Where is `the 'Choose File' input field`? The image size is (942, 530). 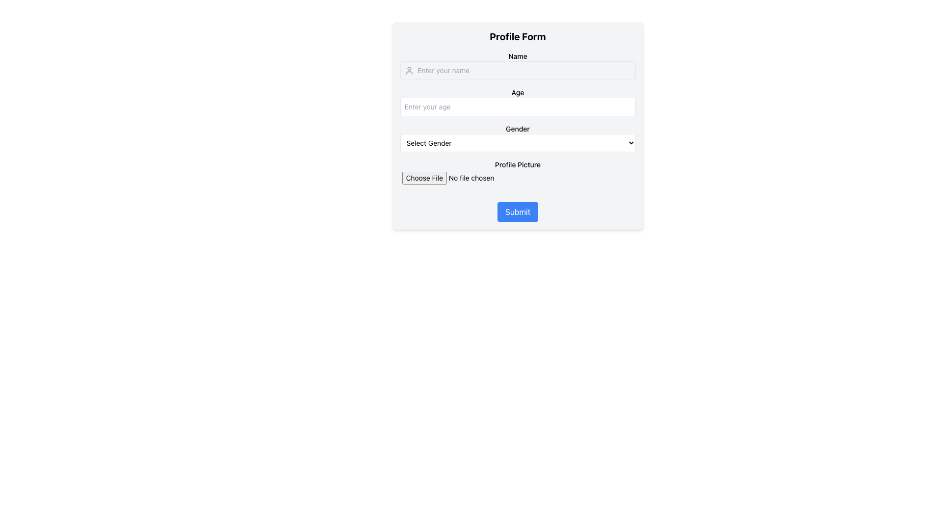
the 'Choose File' input field is located at coordinates (517, 178).